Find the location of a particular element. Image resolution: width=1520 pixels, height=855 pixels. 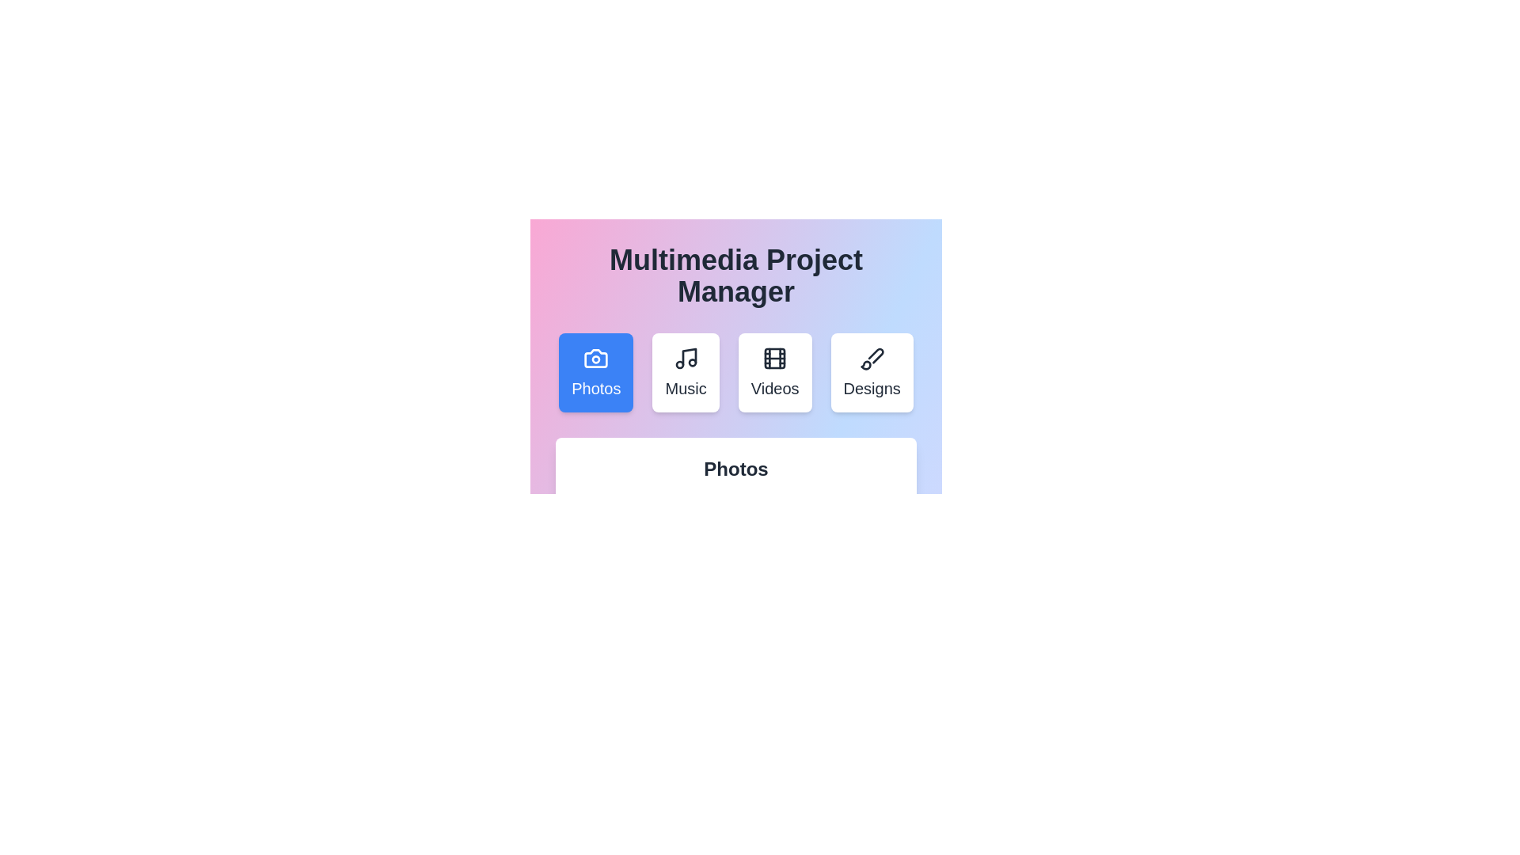

the tab labeled Photos to view its content is located at coordinates (595, 372).